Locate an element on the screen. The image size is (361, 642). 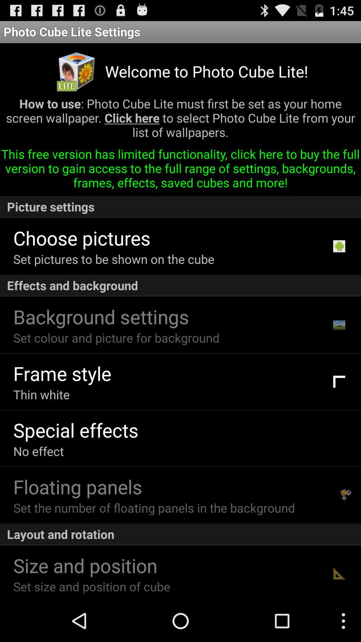
the icon next to the set size and icon is located at coordinates (339, 573).